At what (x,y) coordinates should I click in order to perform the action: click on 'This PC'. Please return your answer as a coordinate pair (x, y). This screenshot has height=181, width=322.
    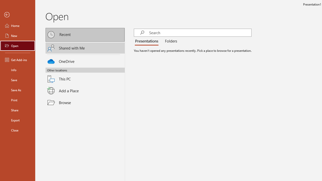
    Looking at the image, I should click on (85, 76).